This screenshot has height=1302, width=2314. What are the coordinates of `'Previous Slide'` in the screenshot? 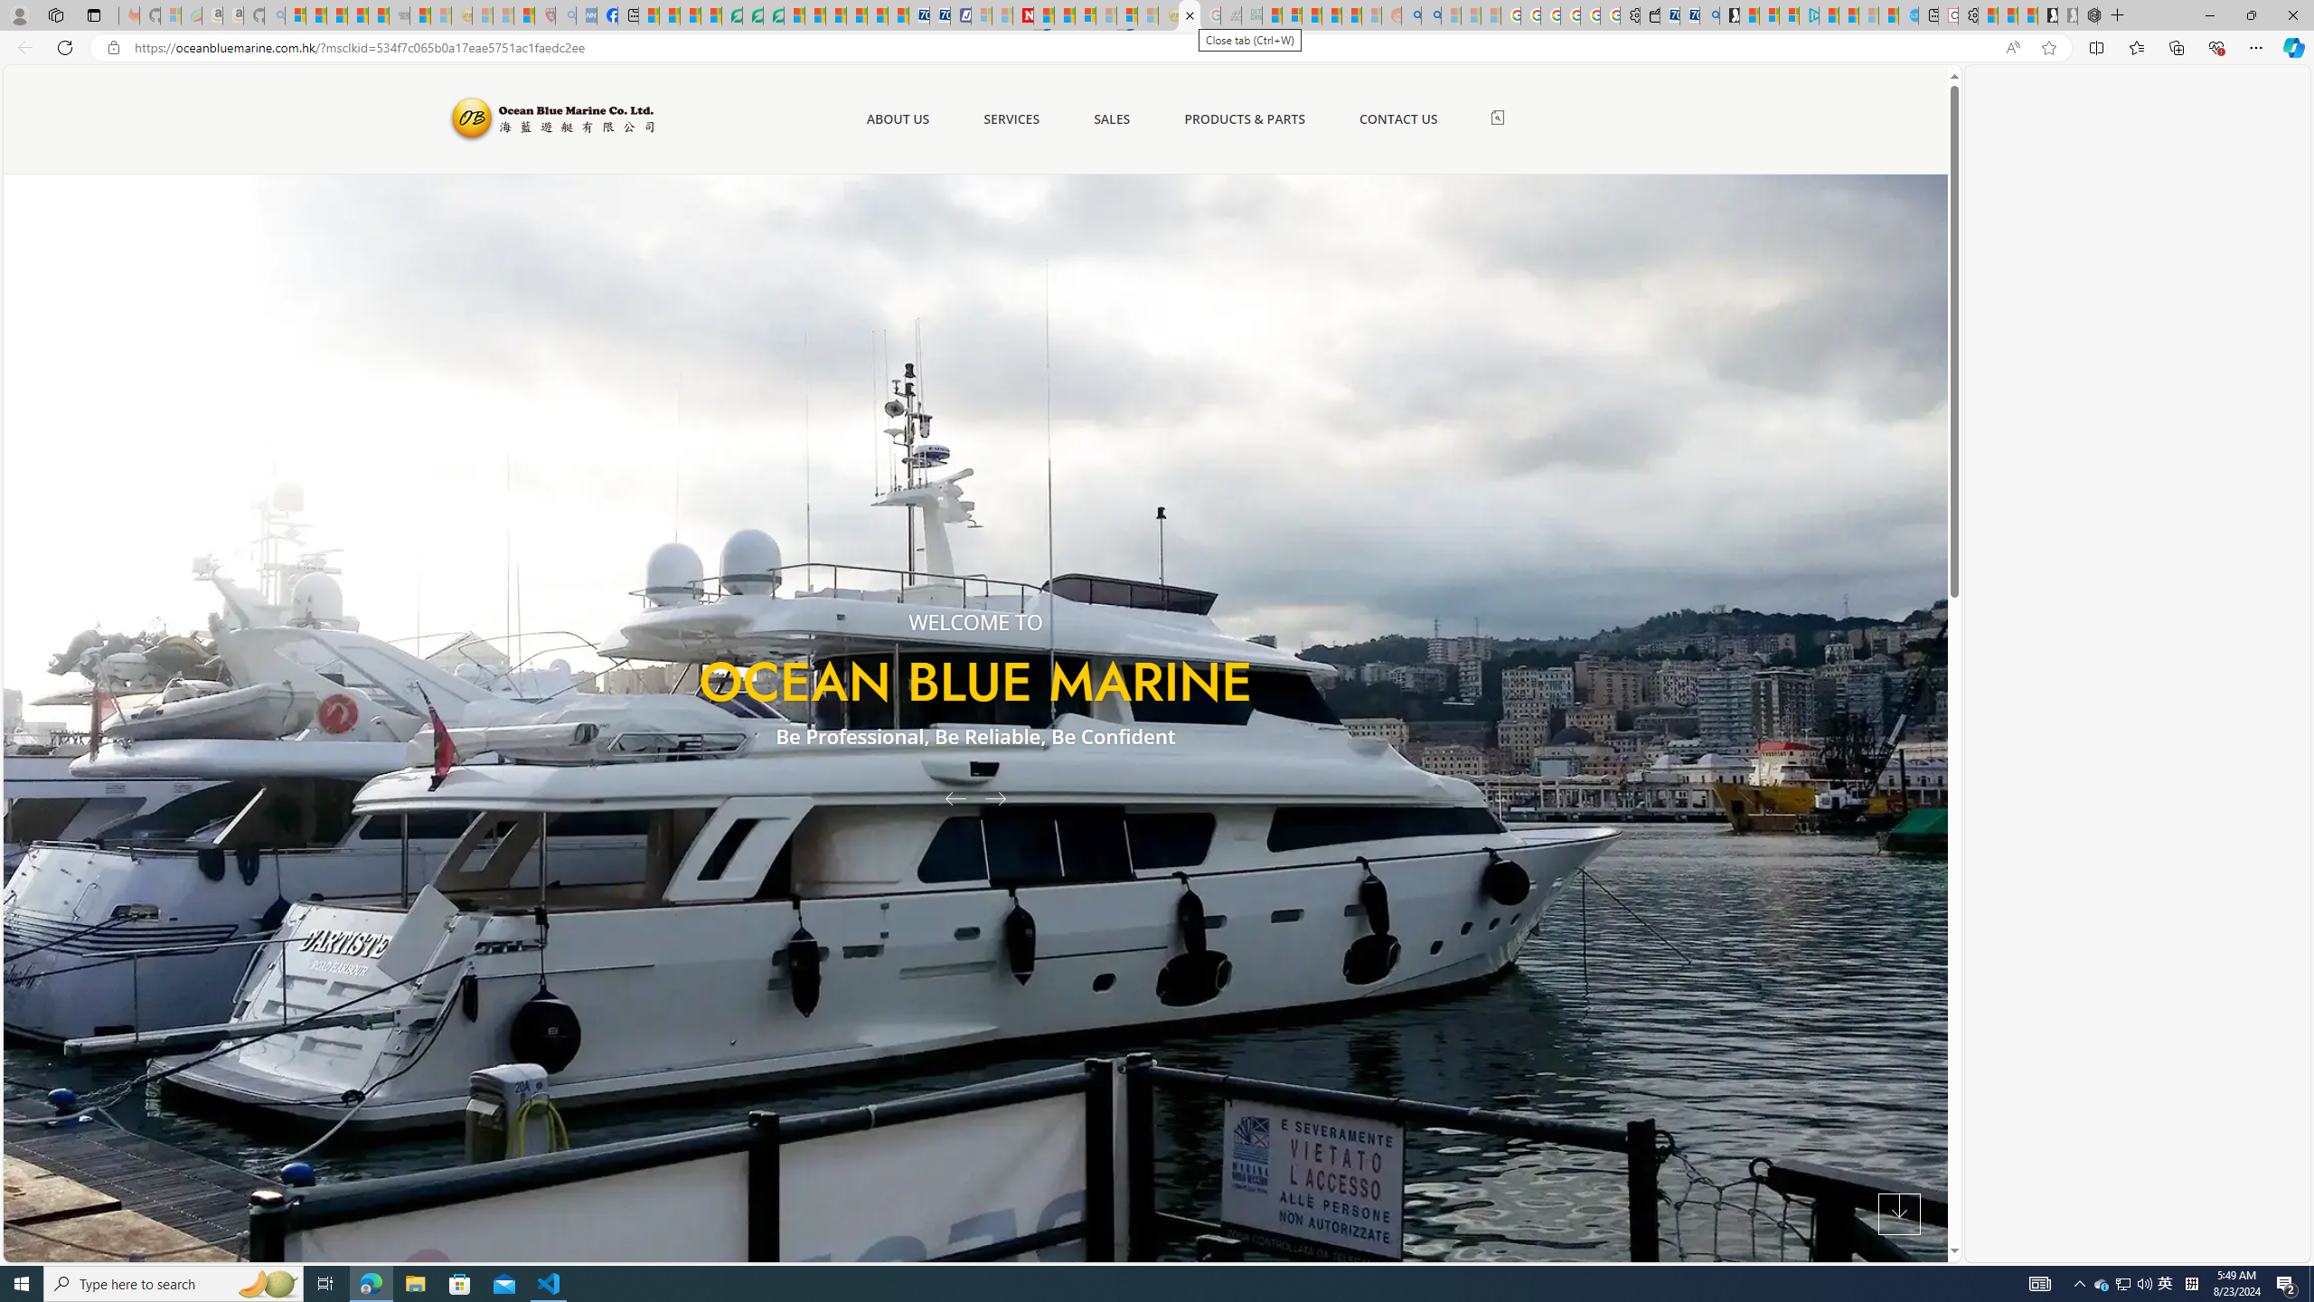 It's located at (947, 797).